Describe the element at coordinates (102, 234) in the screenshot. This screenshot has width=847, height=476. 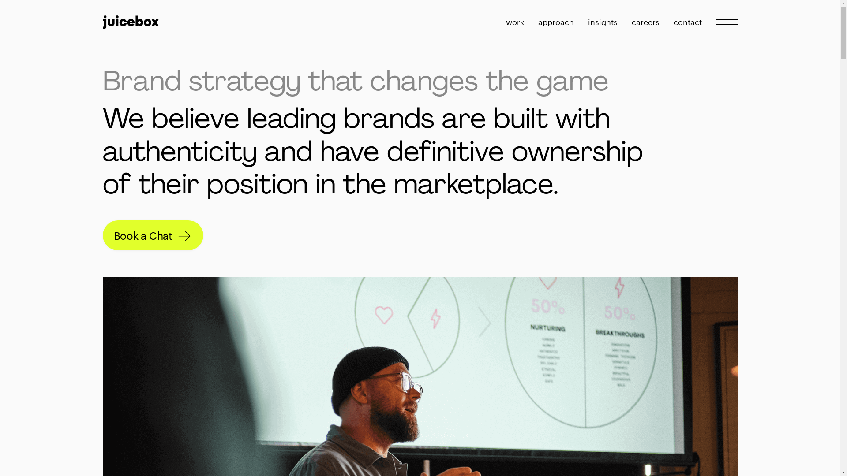
I see `'Book a Chat'` at that location.